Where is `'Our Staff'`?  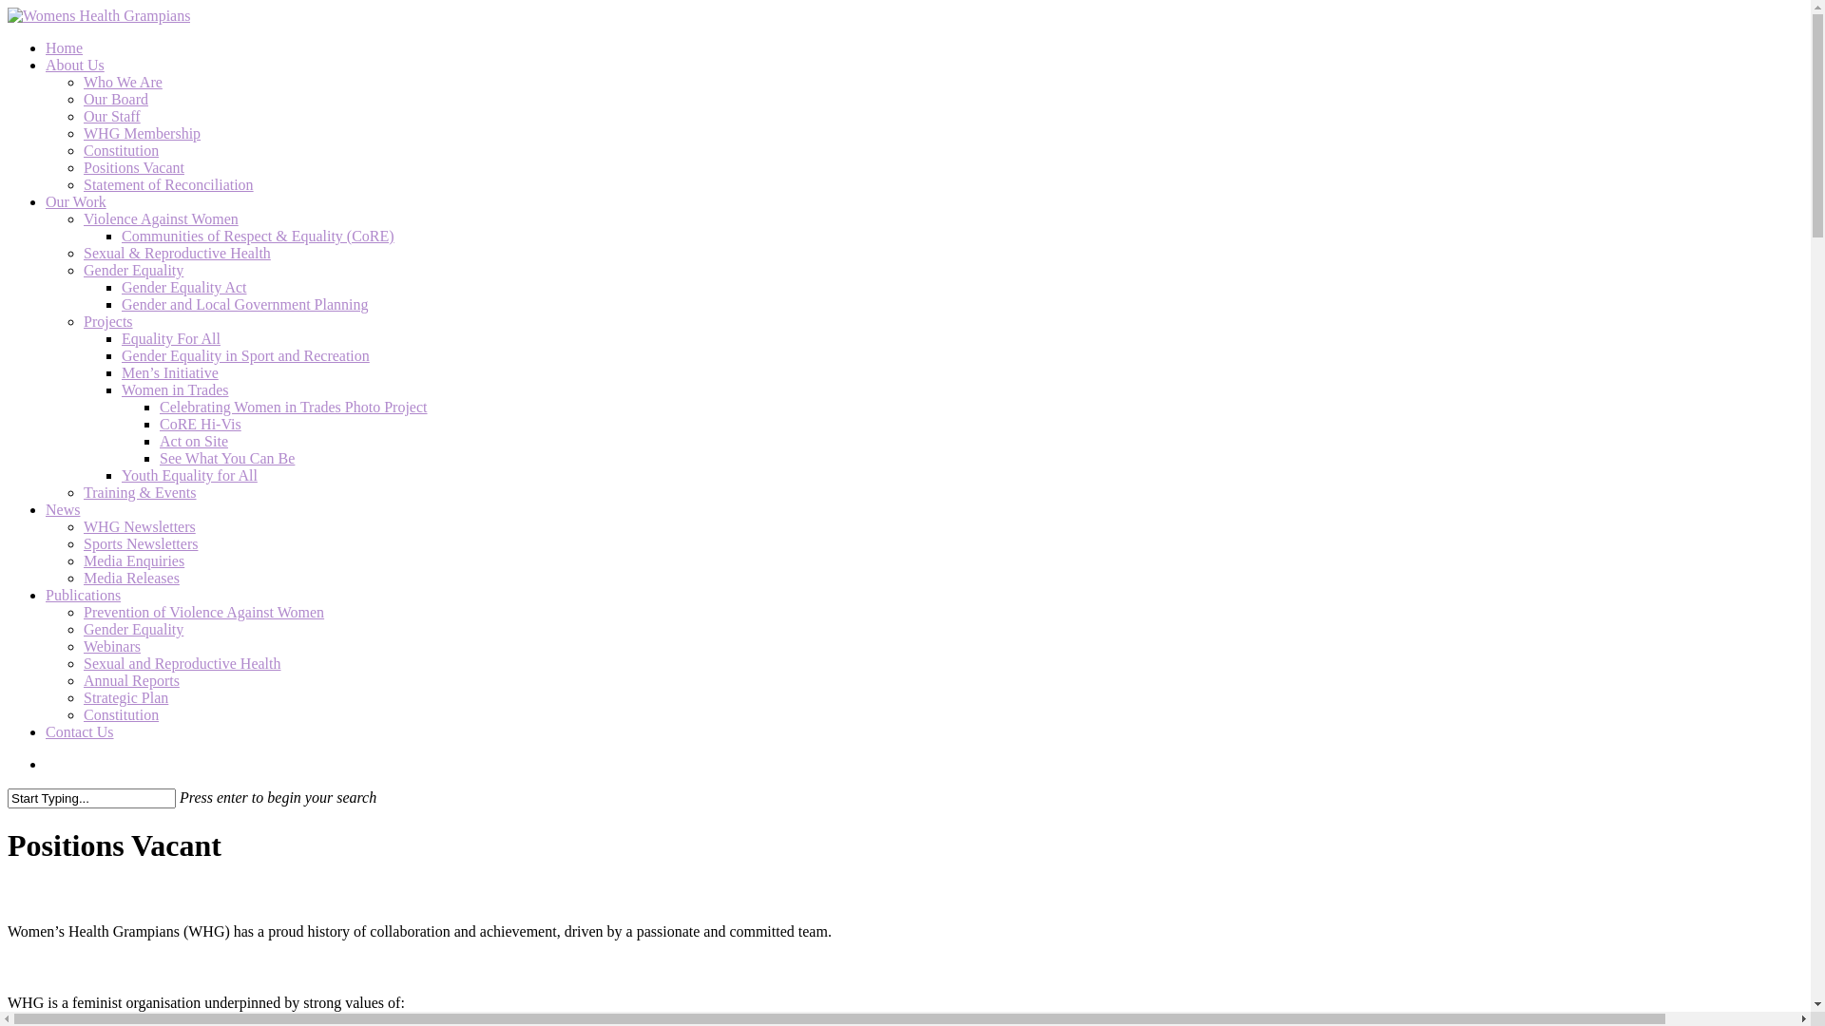
'Our Staff' is located at coordinates (111, 116).